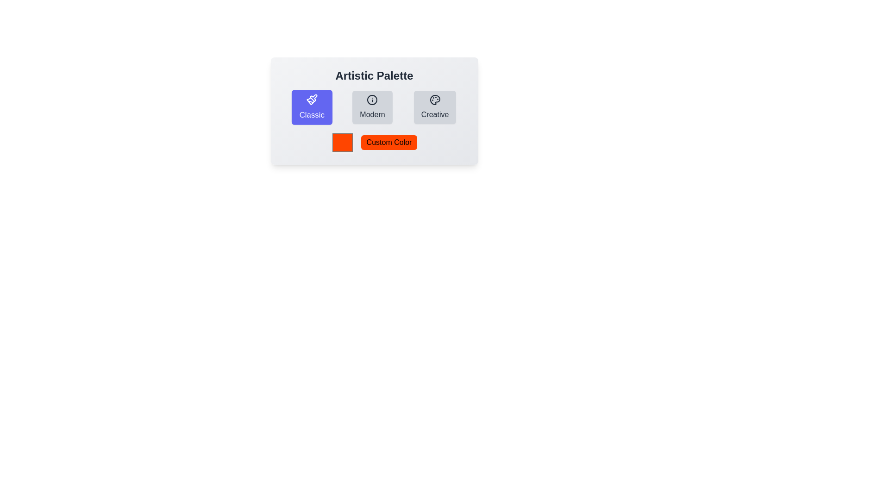 This screenshot has width=889, height=500. I want to click on the palette option Classic, so click(312, 106).